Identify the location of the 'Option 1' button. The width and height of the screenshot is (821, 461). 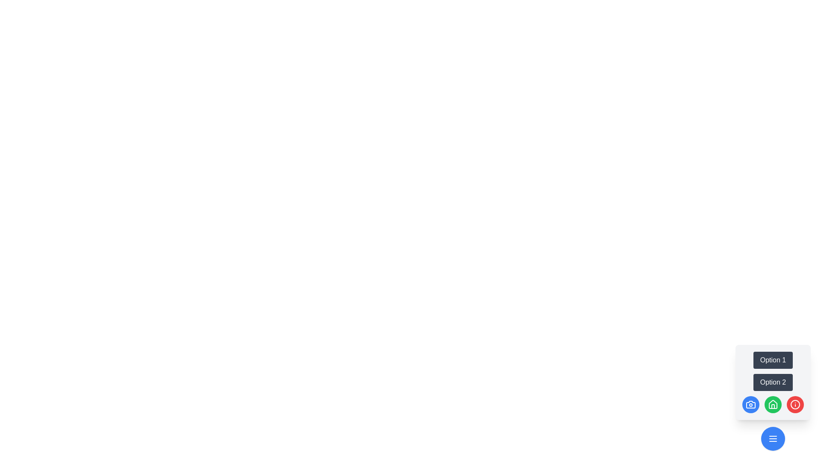
(773, 360).